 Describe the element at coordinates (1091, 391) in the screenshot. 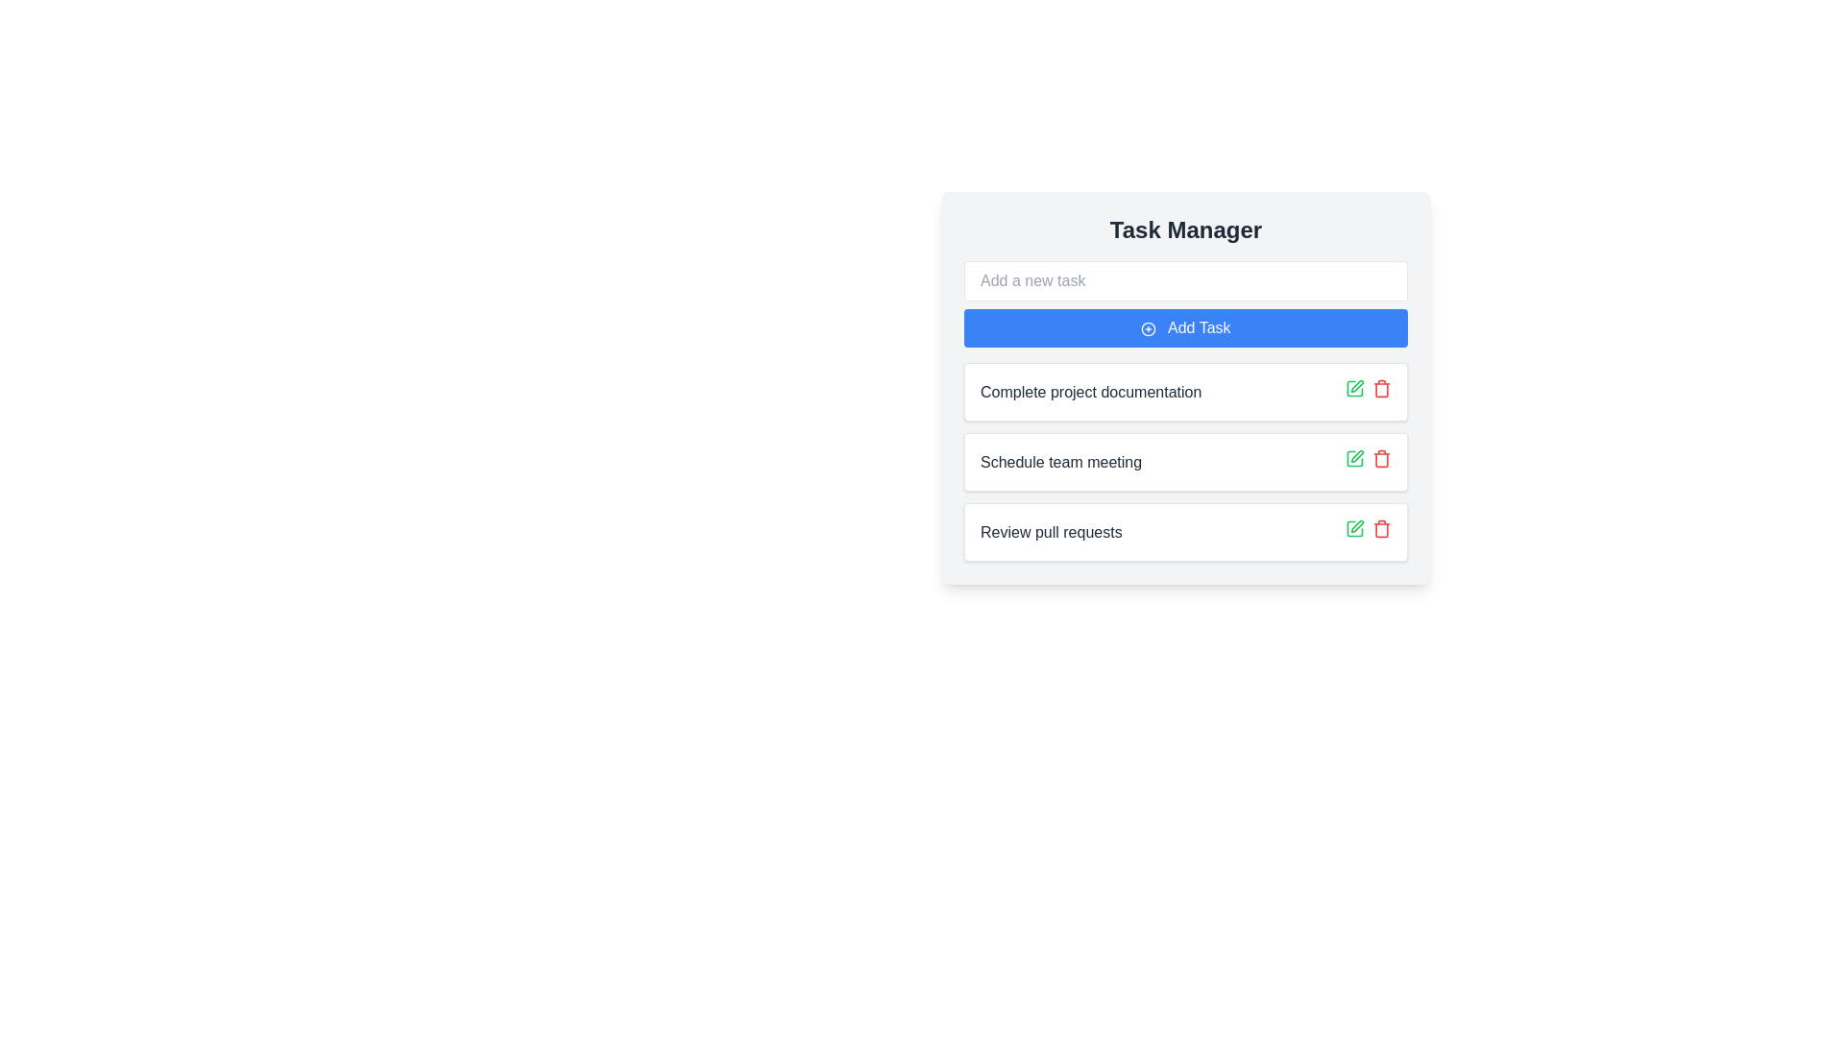

I see `the text label displaying 'Complete project documentation' in the Task Manager section` at that location.